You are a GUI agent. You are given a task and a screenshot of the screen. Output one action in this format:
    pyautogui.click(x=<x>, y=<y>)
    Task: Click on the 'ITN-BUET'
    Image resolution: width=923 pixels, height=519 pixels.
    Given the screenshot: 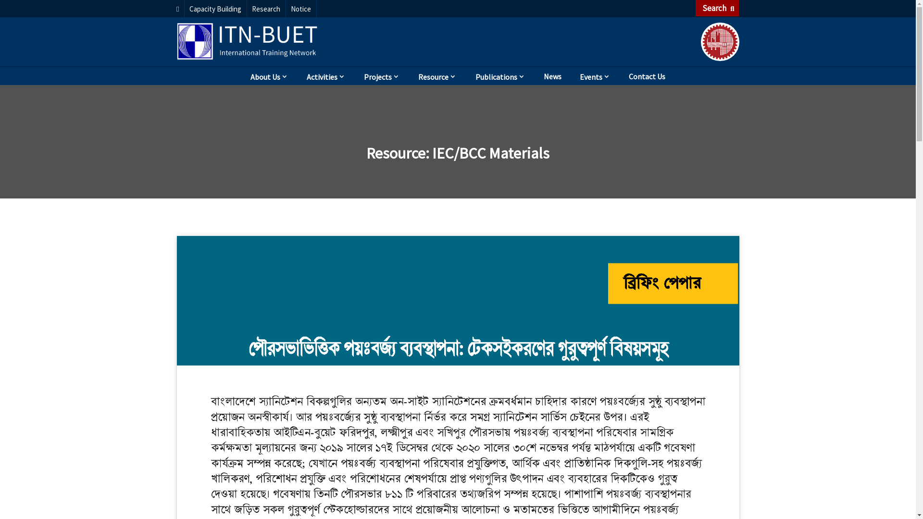 What is the action you would take?
    pyautogui.click(x=177, y=40)
    